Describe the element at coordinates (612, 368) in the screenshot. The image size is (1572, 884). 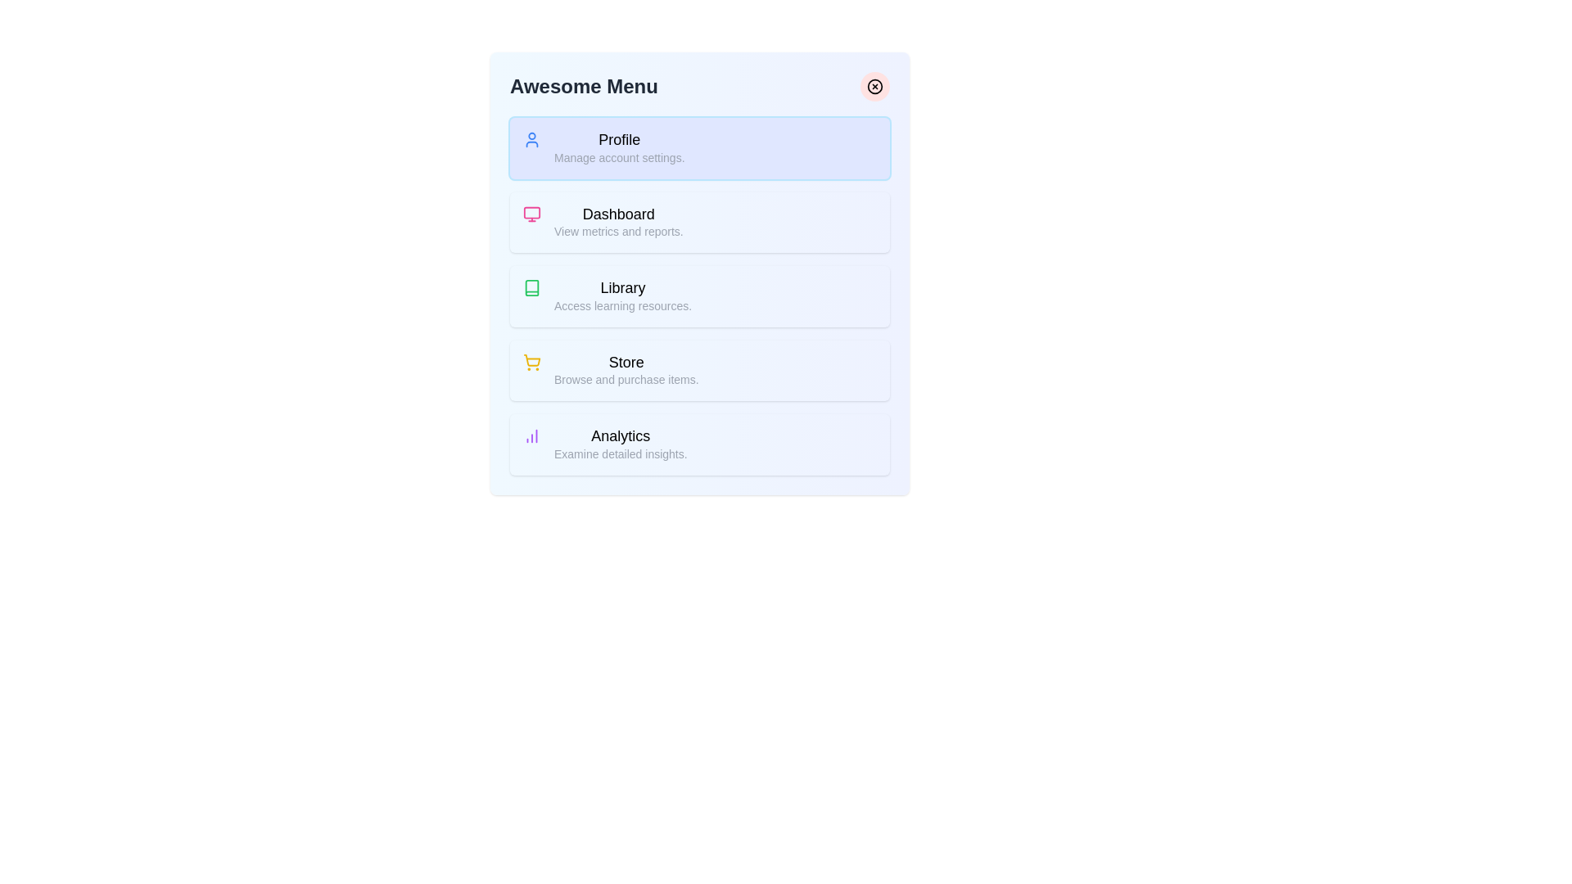
I see `the menu item labeled Store to read its description` at that location.